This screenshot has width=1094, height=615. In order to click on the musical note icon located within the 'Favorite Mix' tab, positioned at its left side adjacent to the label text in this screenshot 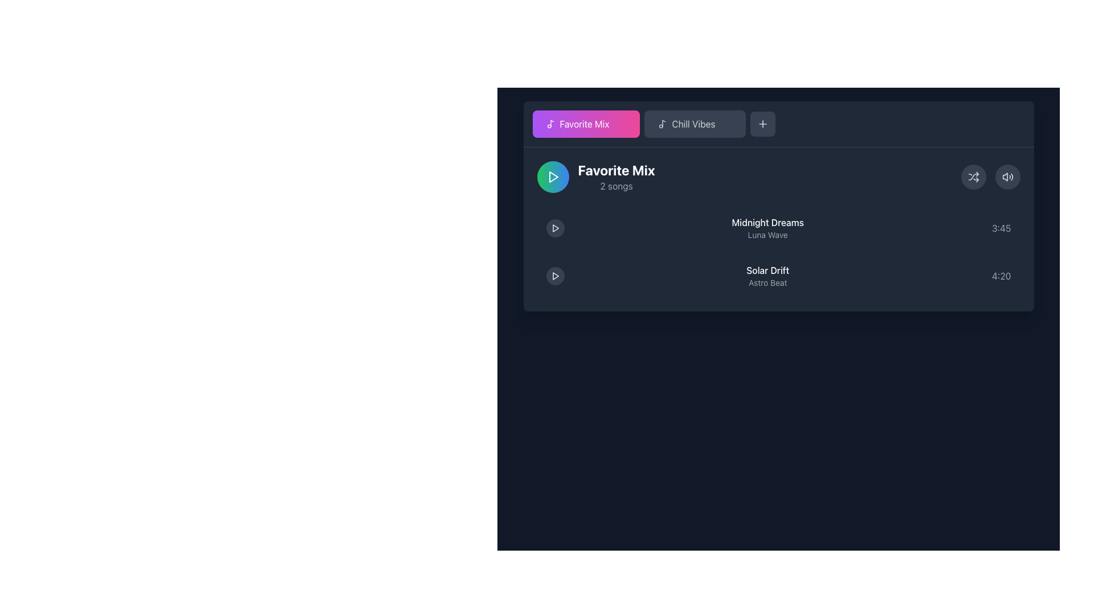, I will do `click(550, 124)`.